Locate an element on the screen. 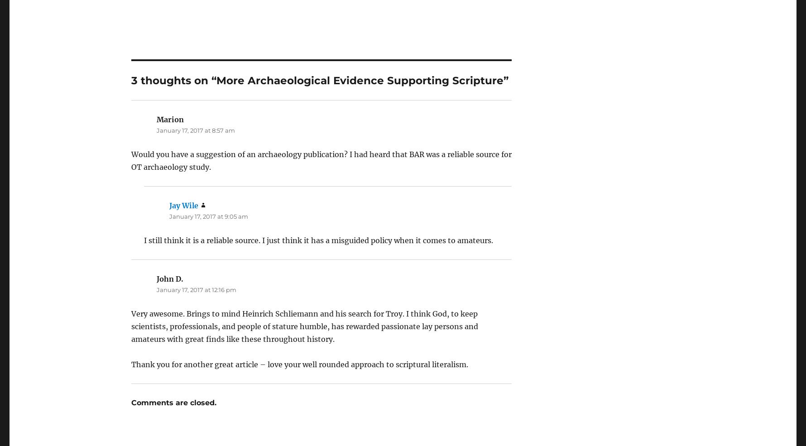 Image resolution: width=806 pixels, height=446 pixels. 'Comments are closed.' is located at coordinates (130, 377).